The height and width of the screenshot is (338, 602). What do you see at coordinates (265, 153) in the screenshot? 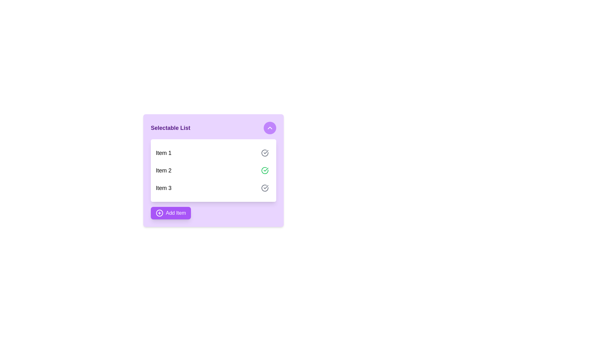
I see `the third icon in the row beside the text 'Item 3', located in the lower part of the list, which serves as a visual indicator for confirming or marking something as complete` at bounding box center [265, 153].